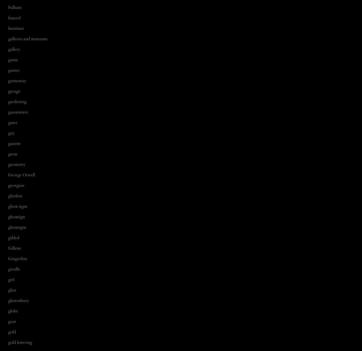 This screenshot has height=351, width=362. I want to click on 'gannaway', so click(17, 80).